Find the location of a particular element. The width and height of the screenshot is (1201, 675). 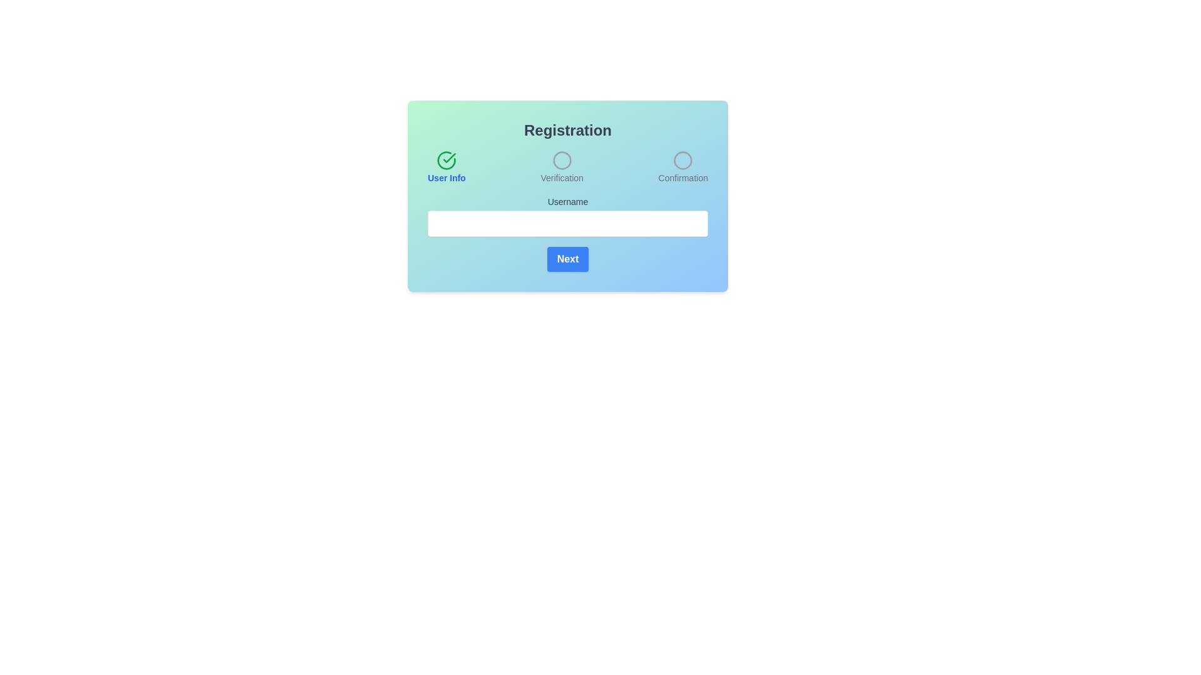

the green circular icon with a checkmark, located above the 'User Info' label in the registration progress bar is located at coordinates (447, 160).